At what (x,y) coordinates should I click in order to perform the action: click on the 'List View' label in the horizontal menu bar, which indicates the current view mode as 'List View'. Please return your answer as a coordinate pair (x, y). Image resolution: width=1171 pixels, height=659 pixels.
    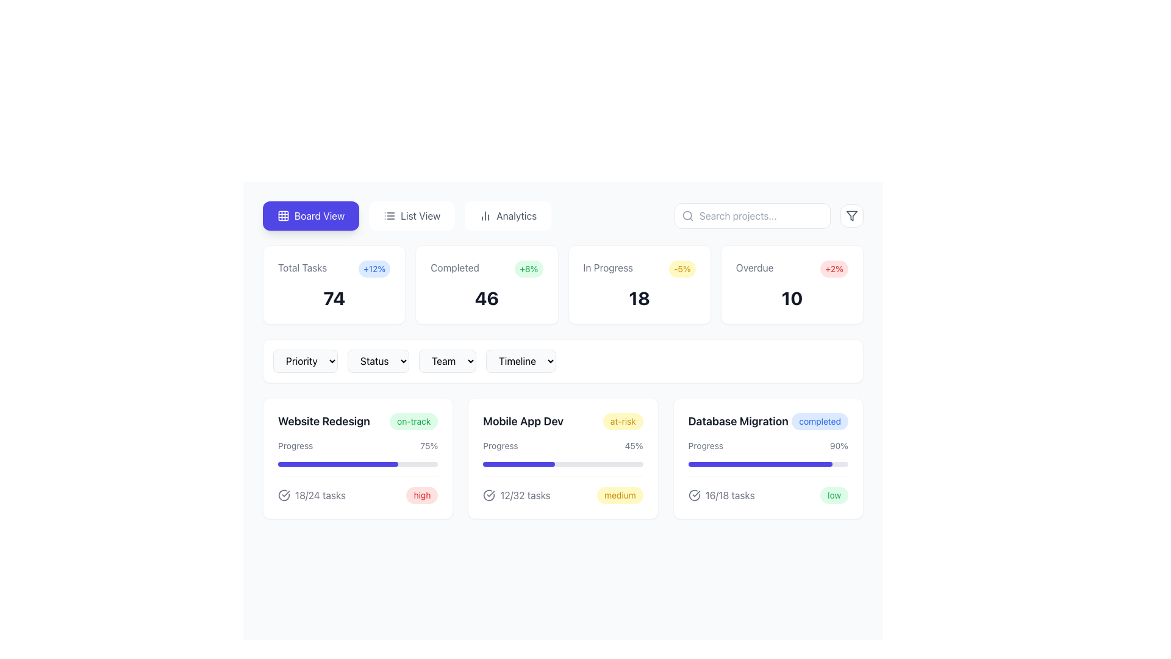
    Looking at the image, I should click on (420, 215).